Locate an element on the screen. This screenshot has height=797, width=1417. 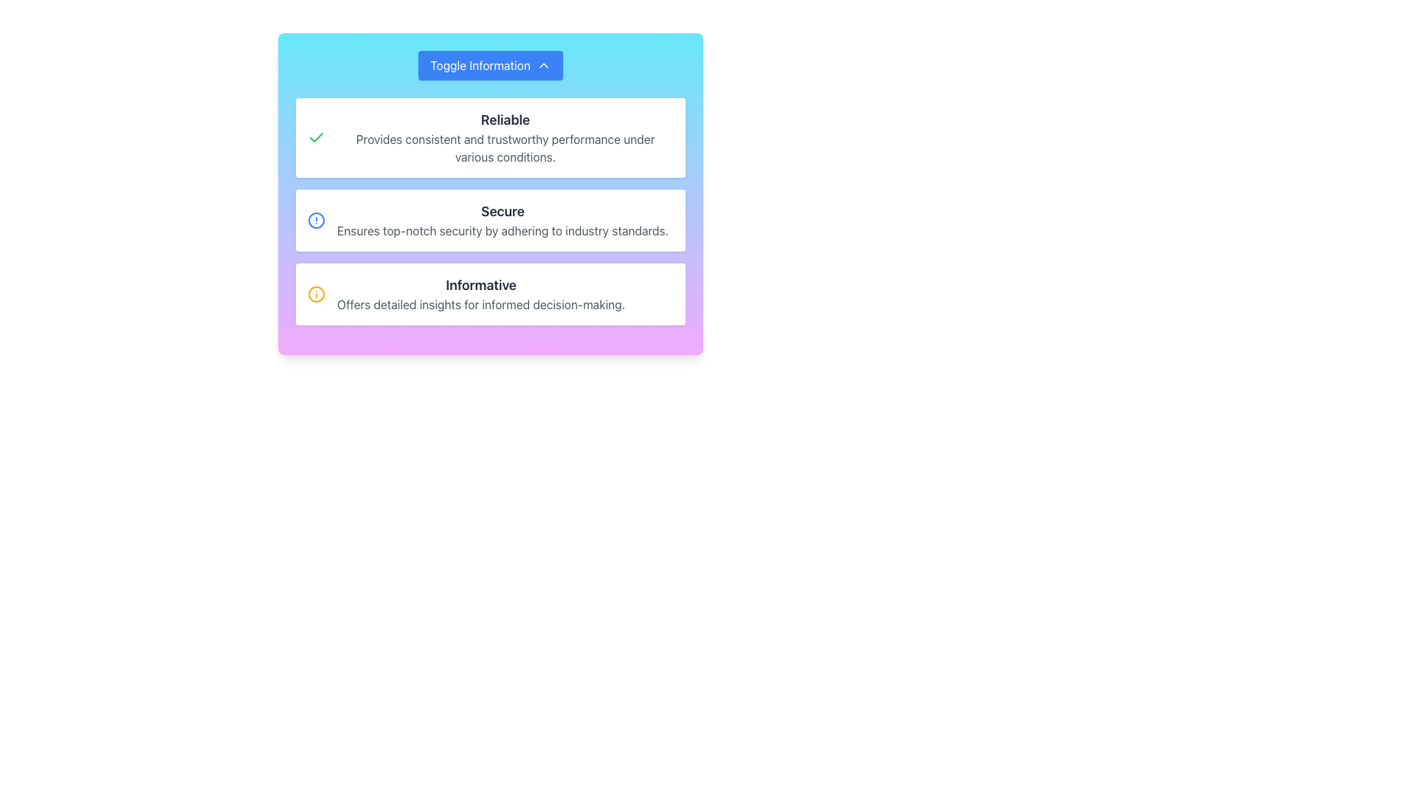
the interactive icons or buttons within the Informational card or panel that is centrally located and provides details on 'Reliable,' 'Secure,' and 'Informative.' is located at coordinates (491, 193).